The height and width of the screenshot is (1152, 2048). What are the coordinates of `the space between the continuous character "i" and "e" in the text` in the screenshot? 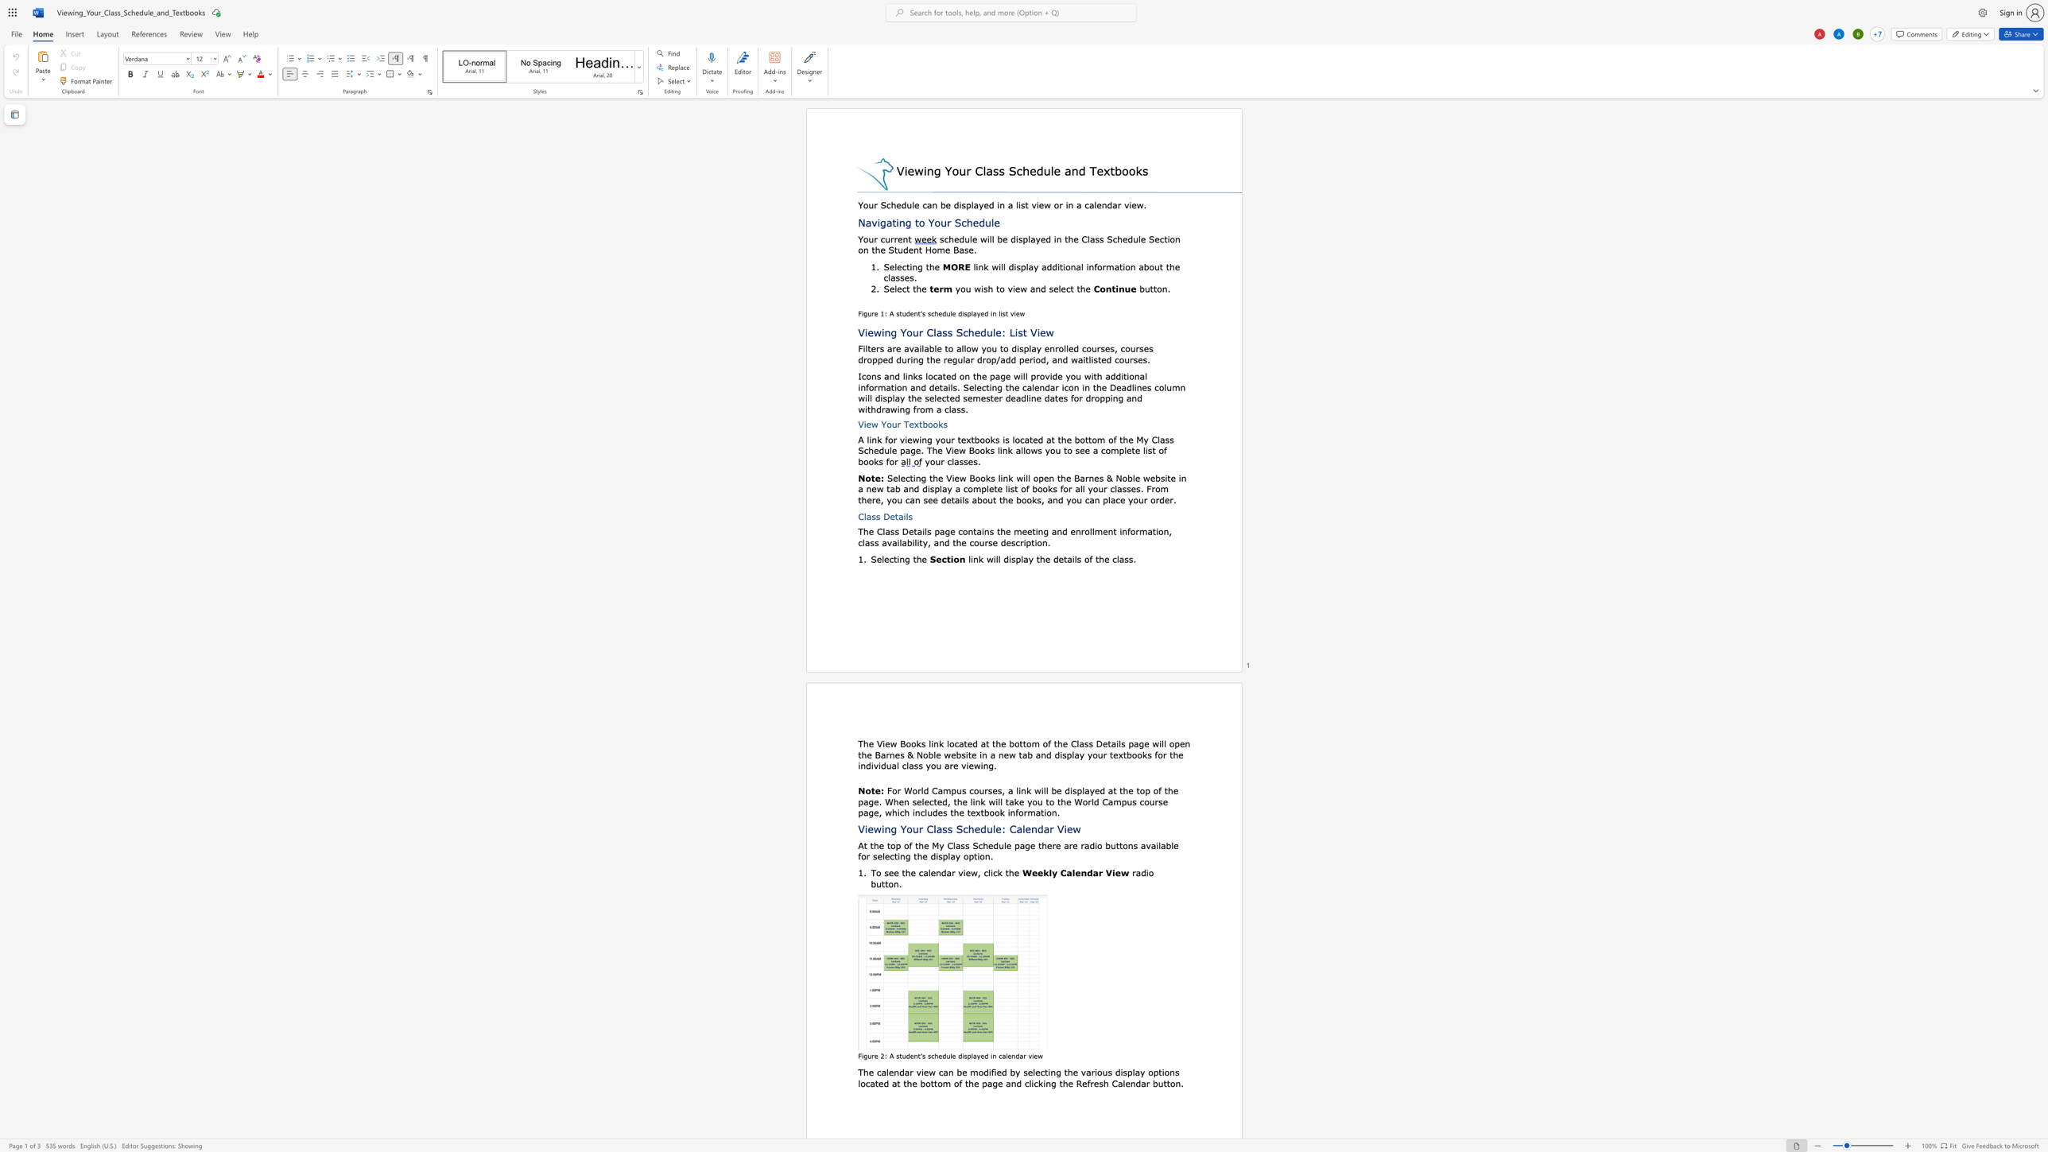 It's located at (866, 424).